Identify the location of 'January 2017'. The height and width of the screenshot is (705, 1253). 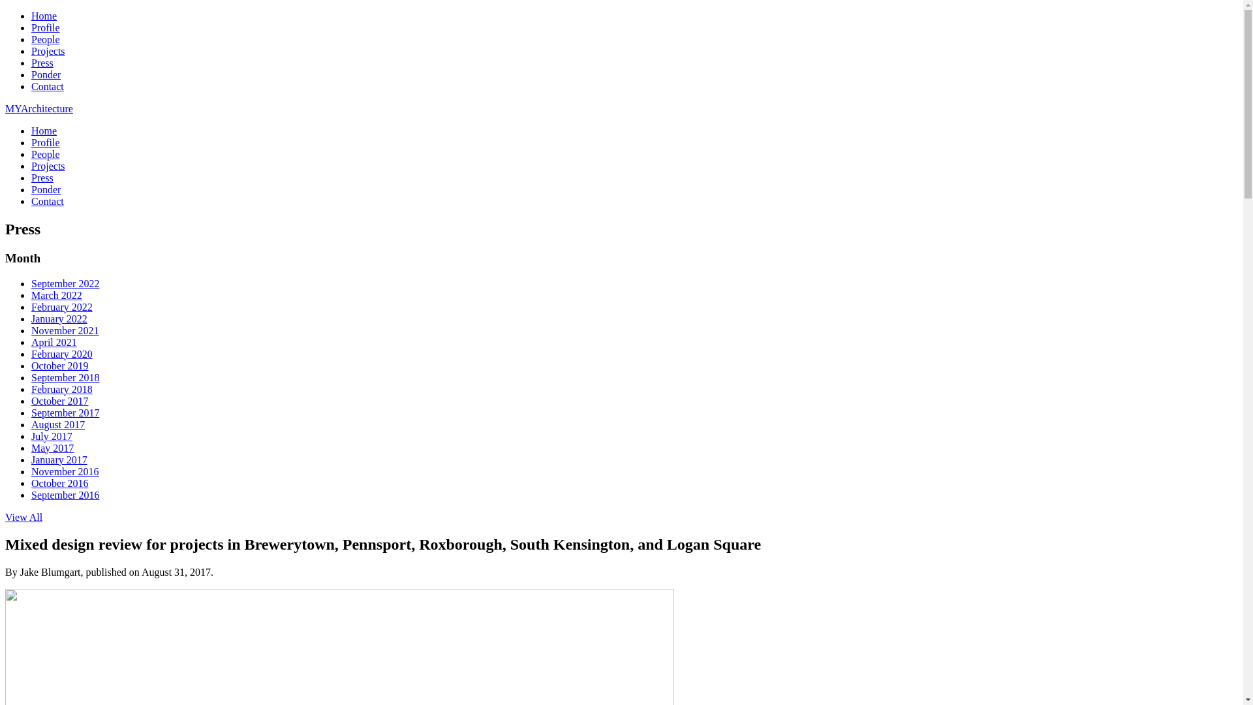
(59, 459).